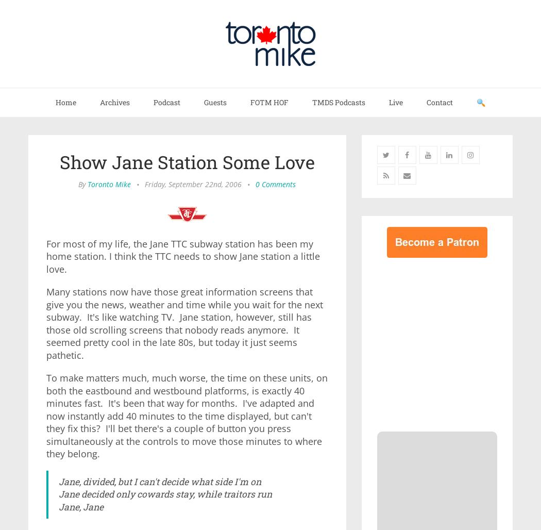  Describe the element at coordinates (338, 102) in the screenshot. I see `'TMDS Podcasts'` at that location.